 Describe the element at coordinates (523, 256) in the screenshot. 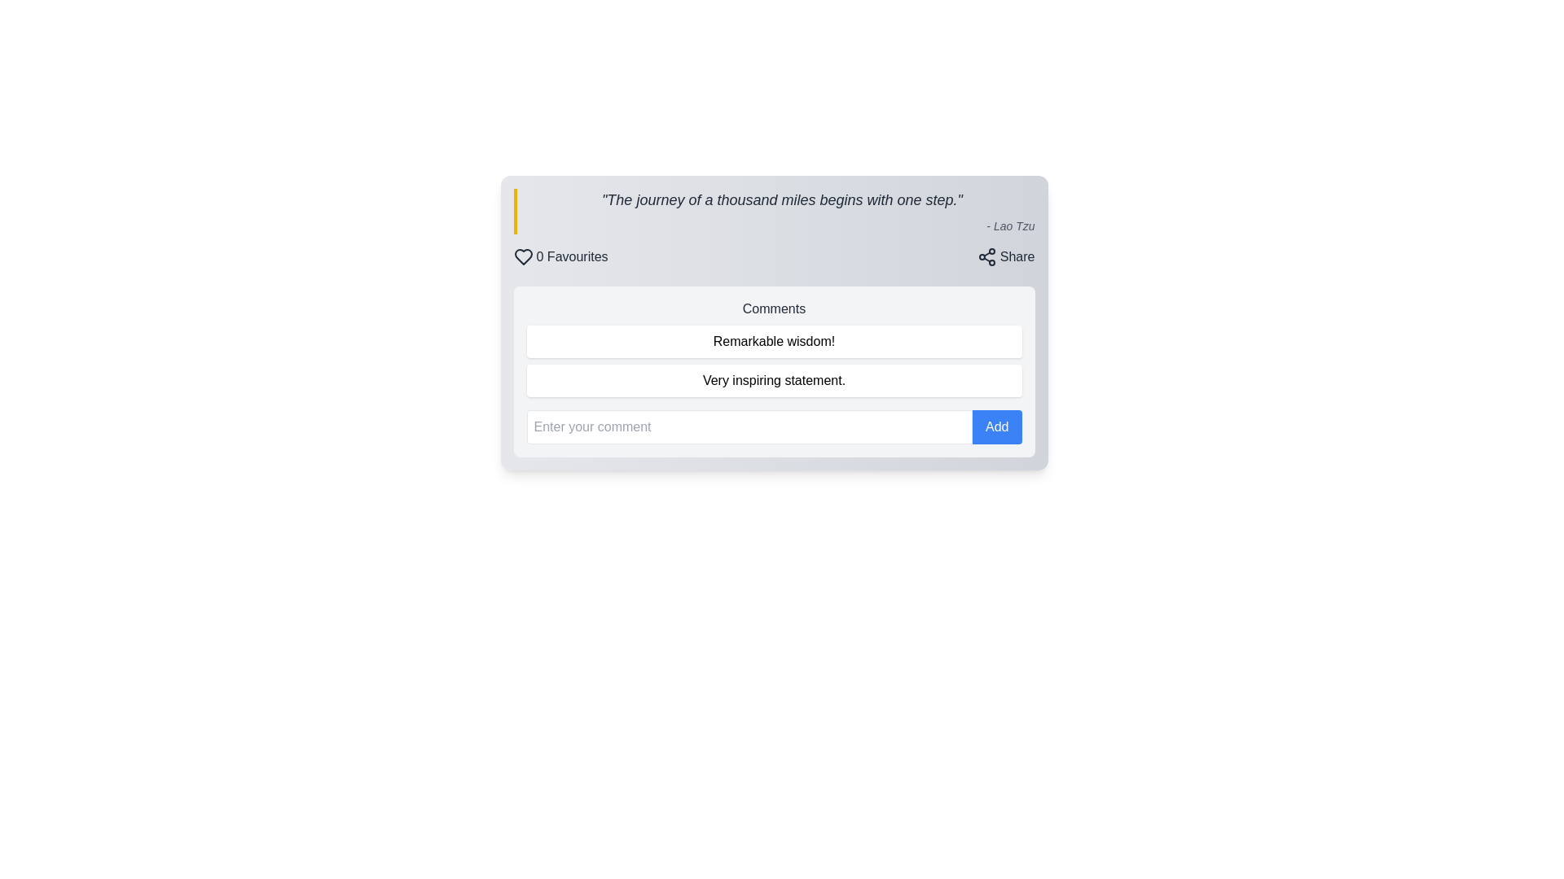

I see `the favorite icon located to the left of the '0 Favourites' text` at that location.